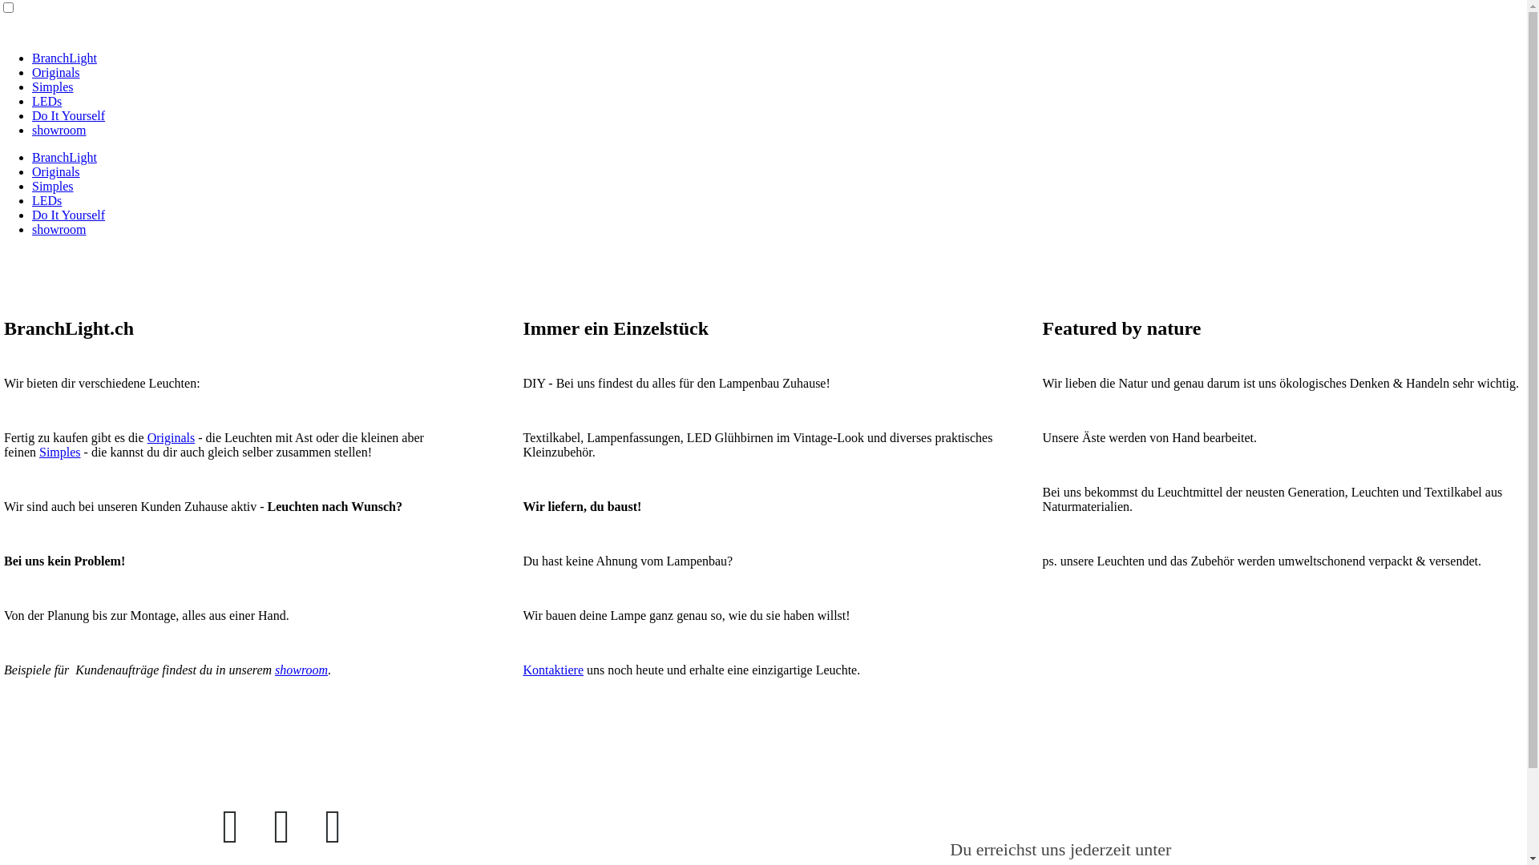  I want to click on 'BranchLight', so click(31, 57).